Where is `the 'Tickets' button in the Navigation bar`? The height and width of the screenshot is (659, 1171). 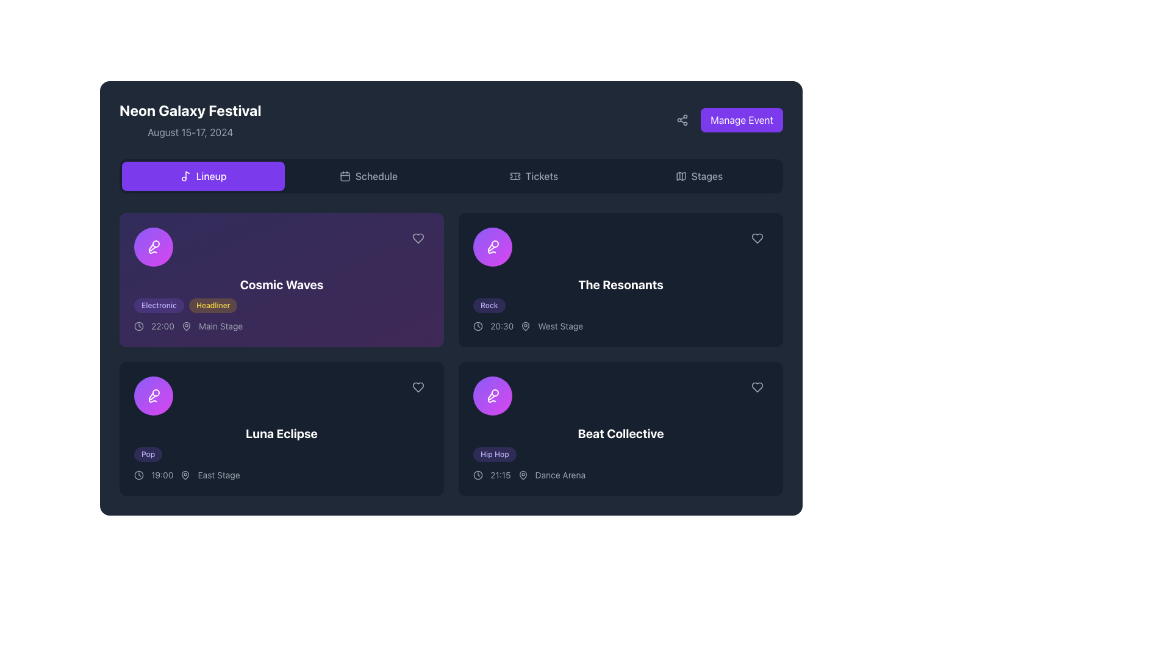
the 'Tickets' button in the Navigation bar is located at coordinates (450, 176).